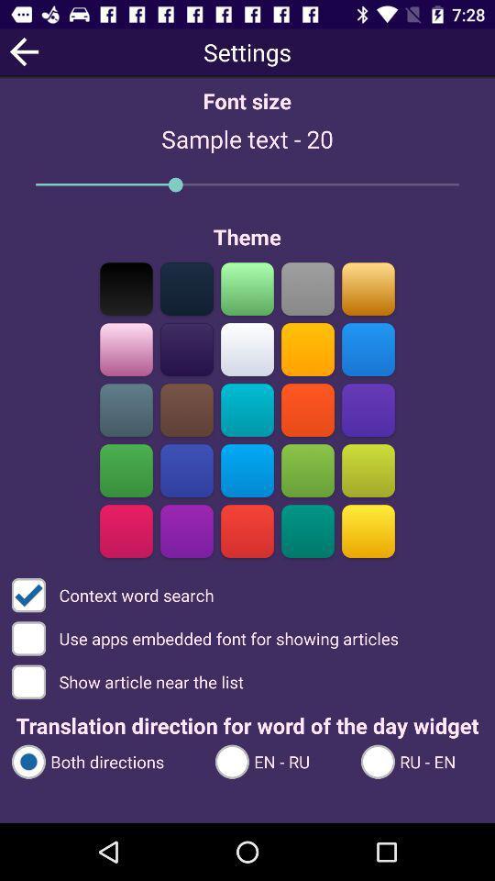 The image size is (495, 881). What do you see at coordinates (23, 50) in the screenshot?
I see `go back` at bounding box center [23, 50].